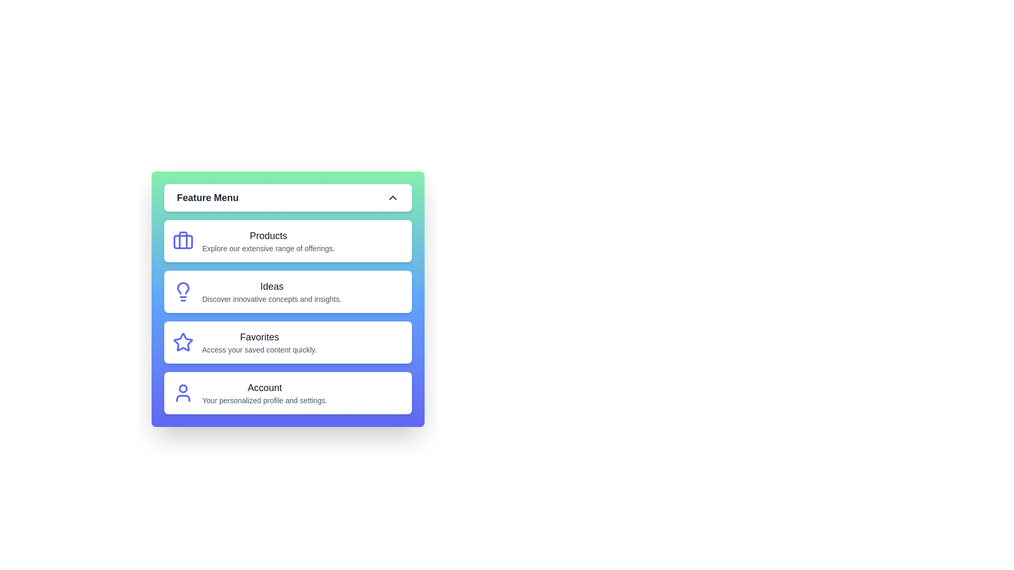 This screenshot has height=570, width=1014. I want to click on the 'Feature Menu' button to toggle the menu visibility, so click(288, 197).